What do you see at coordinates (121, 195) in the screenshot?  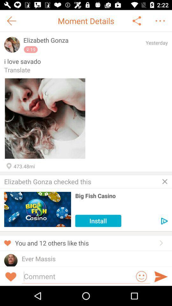 I see `the big fish casino icon` at bounding box center [121, 195].